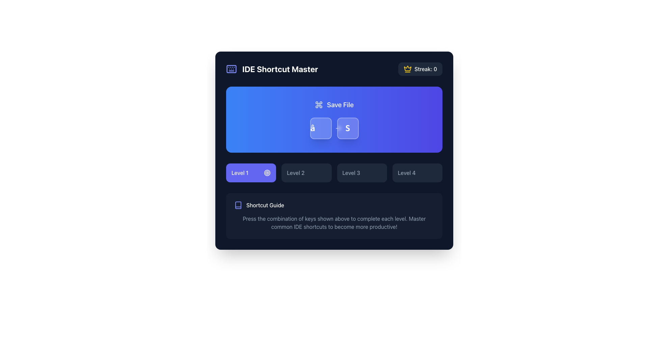 Image resolution: width=648 pixels, height=364 pixels. Describe the element at coordinates (238, 205) in the screenshot. I see `the book-like icon with a dark indigo stroke, located next to the 'Shortcut Guide' text` at that location.